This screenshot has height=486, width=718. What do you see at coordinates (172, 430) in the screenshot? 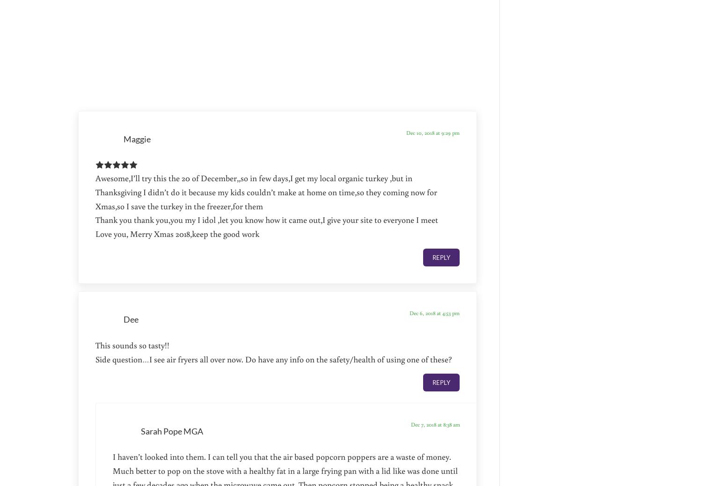
I see `'Sarah Pope MGA'` at bounding box center [172, 430].